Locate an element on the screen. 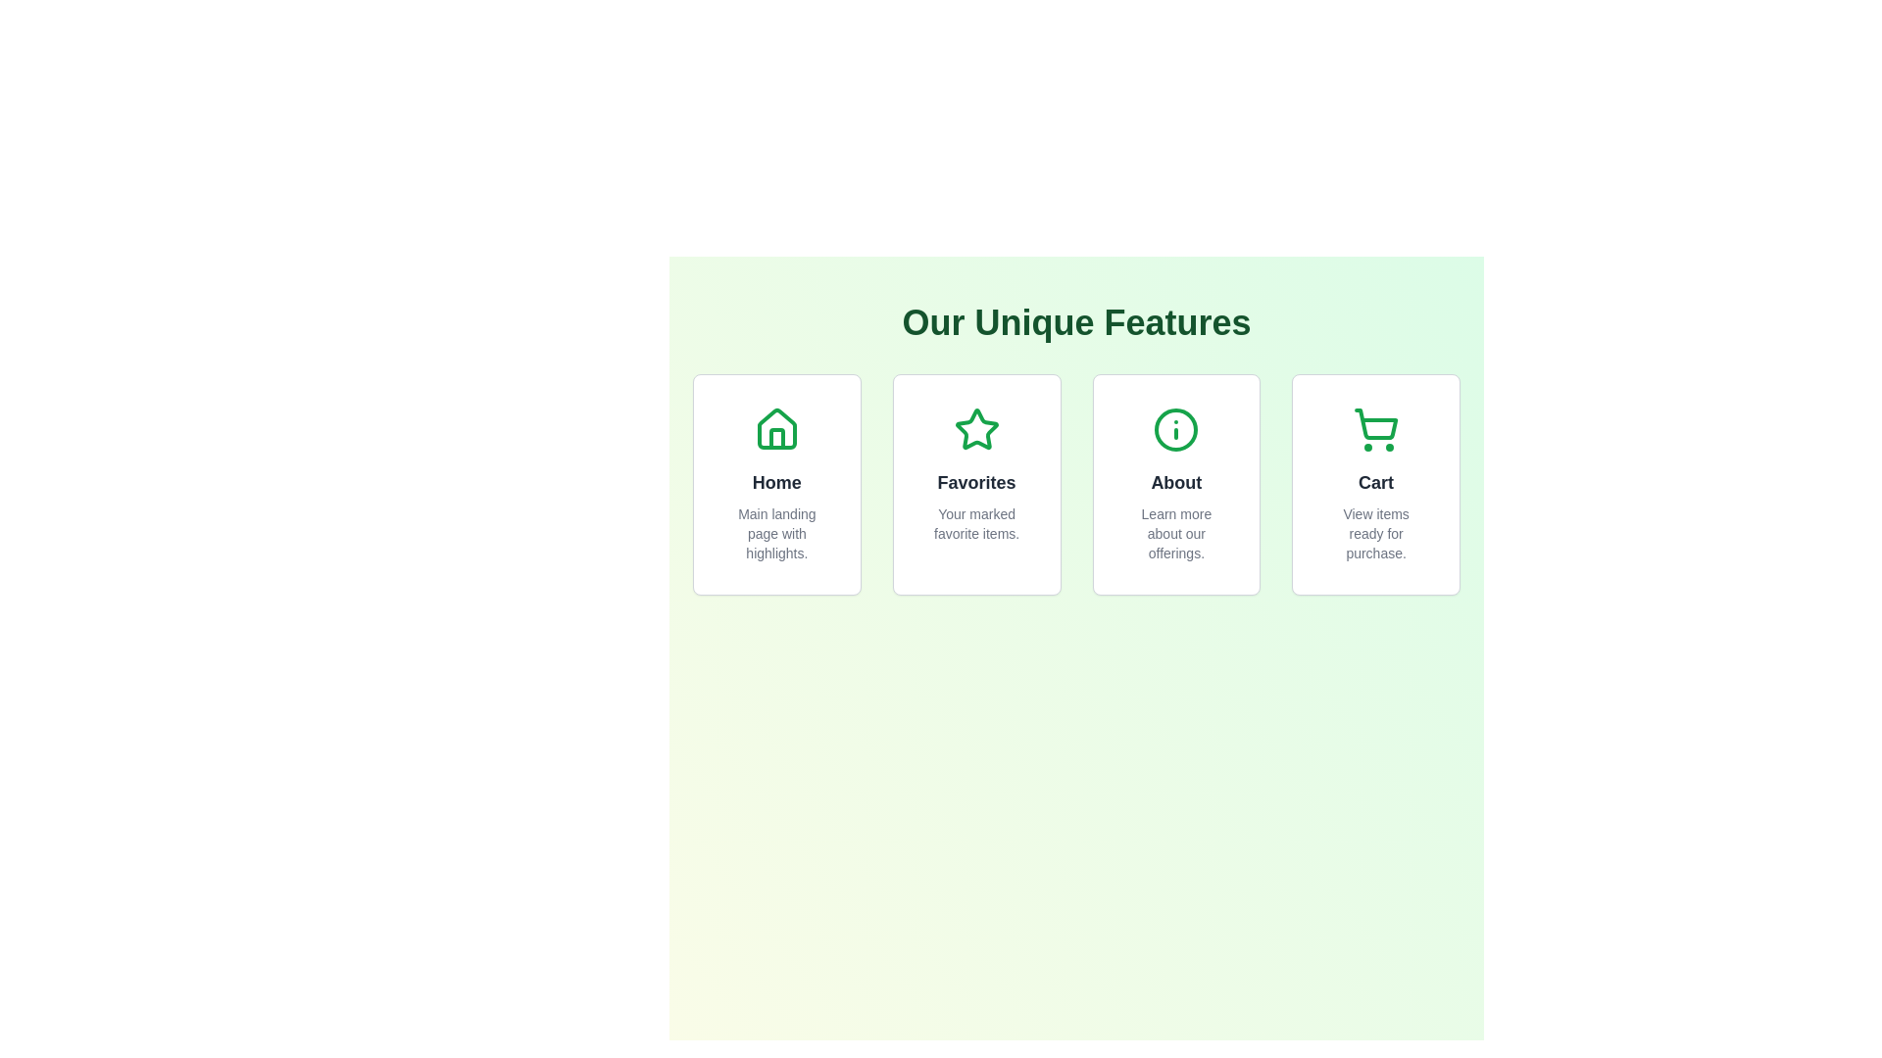 Image resolution: width=1882 pixels, height=1058 pixels. the 'Cart' text label, which is a bold, large, dark gray label positioned at the top-middle of the bottom-right card in a grid layout is located at coordinates (1375, 483).